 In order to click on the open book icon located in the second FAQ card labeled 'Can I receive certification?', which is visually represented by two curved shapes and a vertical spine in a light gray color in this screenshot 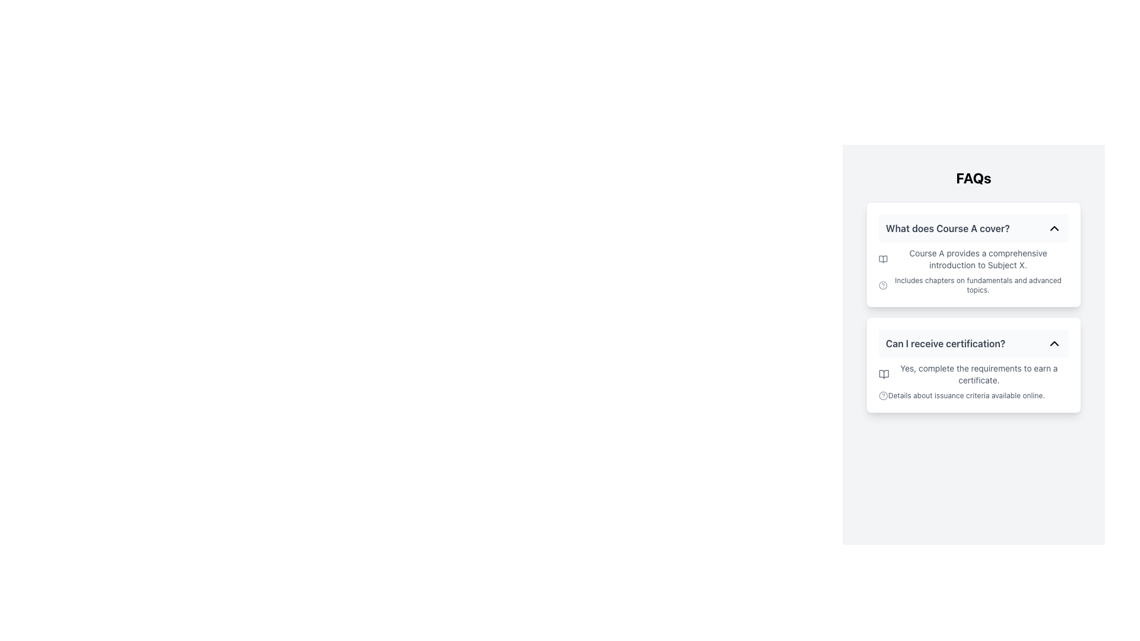, I will do `click(883, 375)`.